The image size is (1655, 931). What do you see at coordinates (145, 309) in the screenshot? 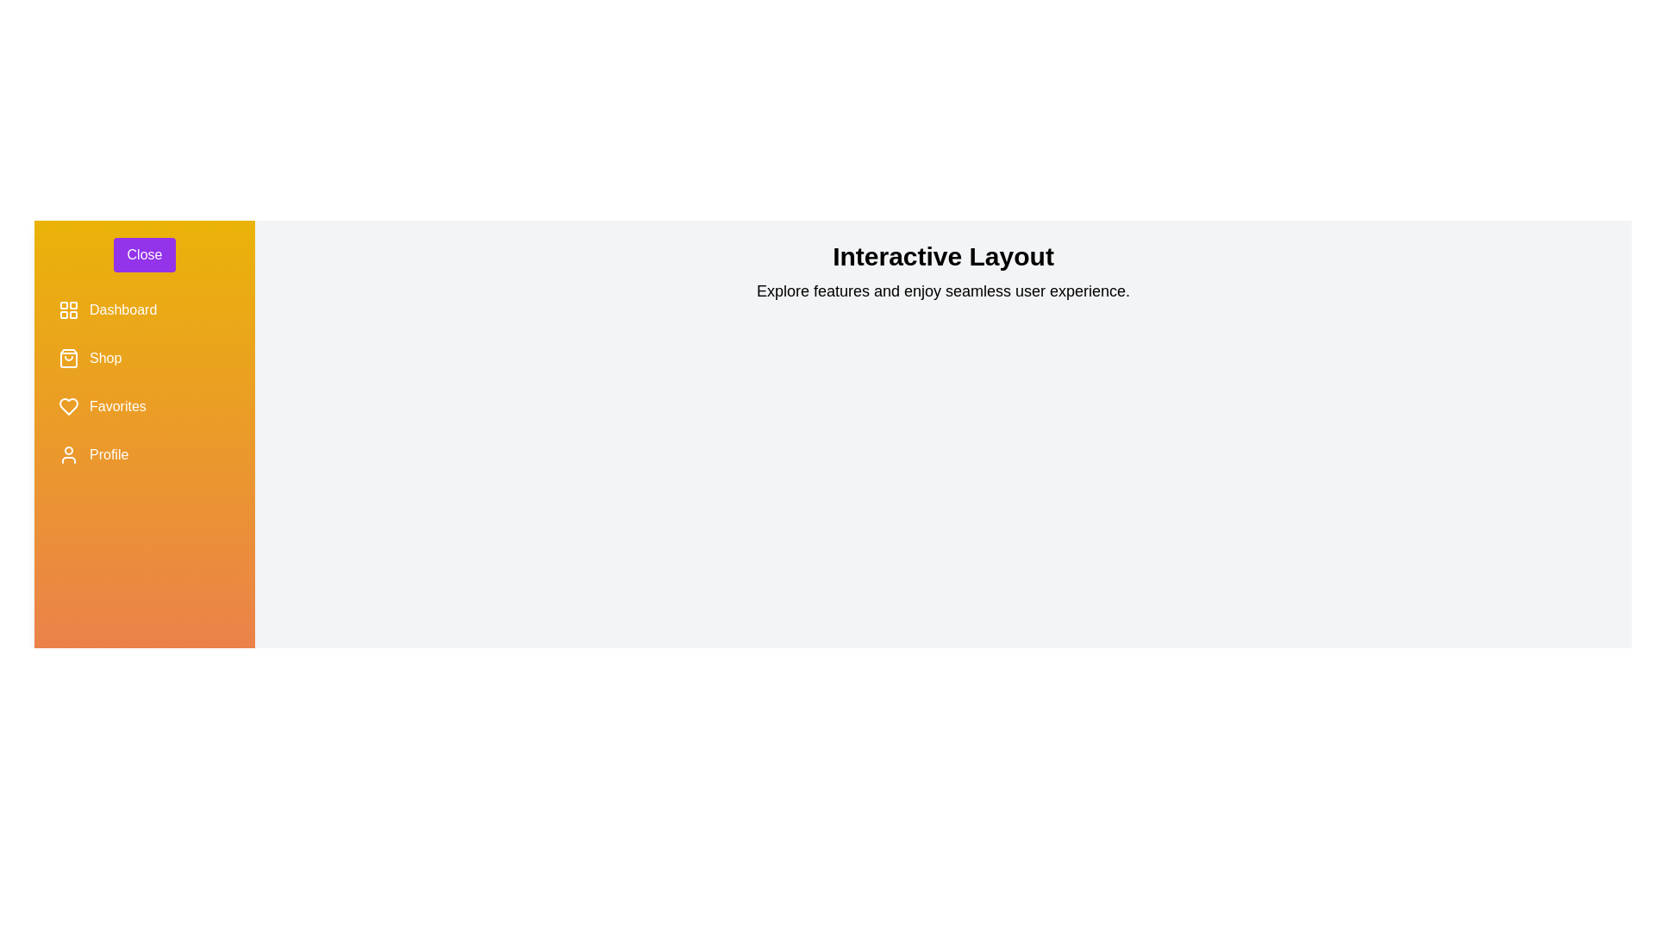
I see `the menu item Dashboard in the sidebar` at bounding box center [145, 309].